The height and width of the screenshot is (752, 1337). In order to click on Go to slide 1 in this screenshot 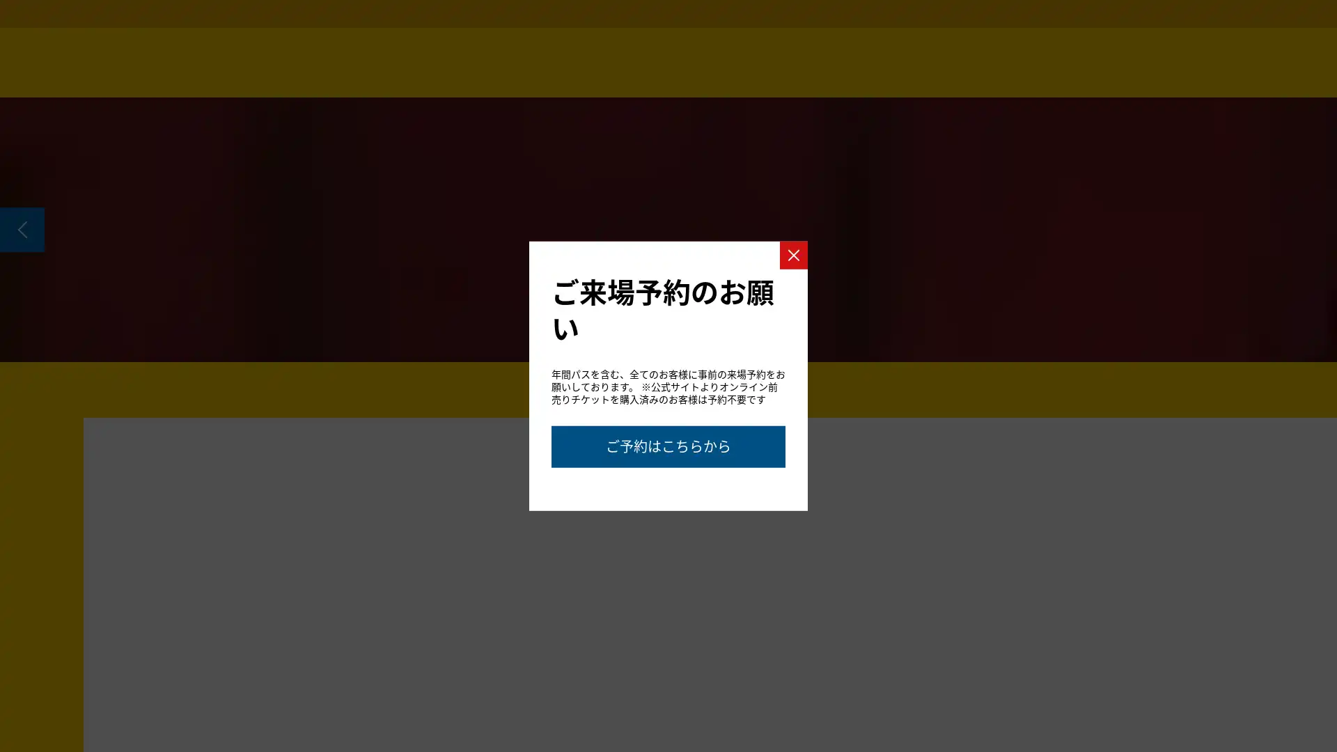, I will do `click(651, 539)`.